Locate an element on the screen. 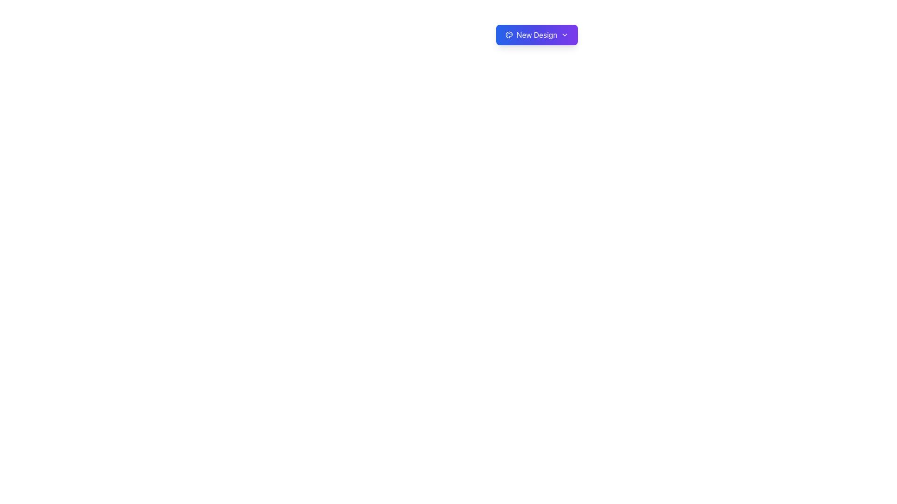 The image size is (897, 504). the interactive icon located at the top-right corner of the 'New Design' button, which serves as an indicator for additional options or a dropdown menu is located at coordinates (564, 34).